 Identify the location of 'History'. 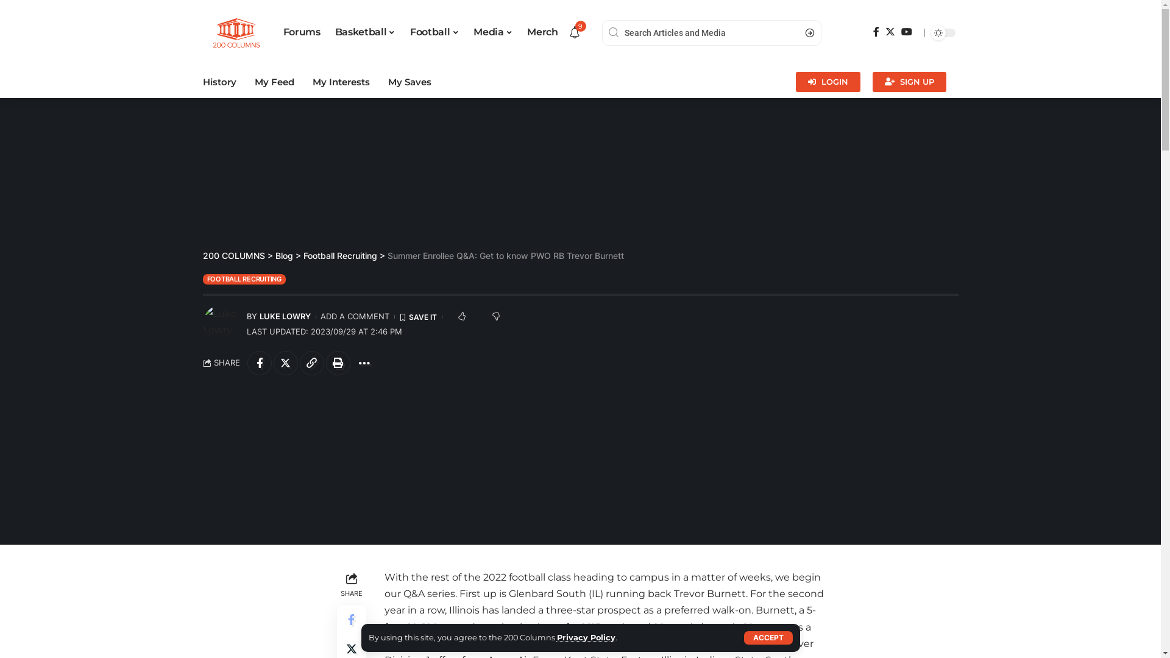
(219, 82).